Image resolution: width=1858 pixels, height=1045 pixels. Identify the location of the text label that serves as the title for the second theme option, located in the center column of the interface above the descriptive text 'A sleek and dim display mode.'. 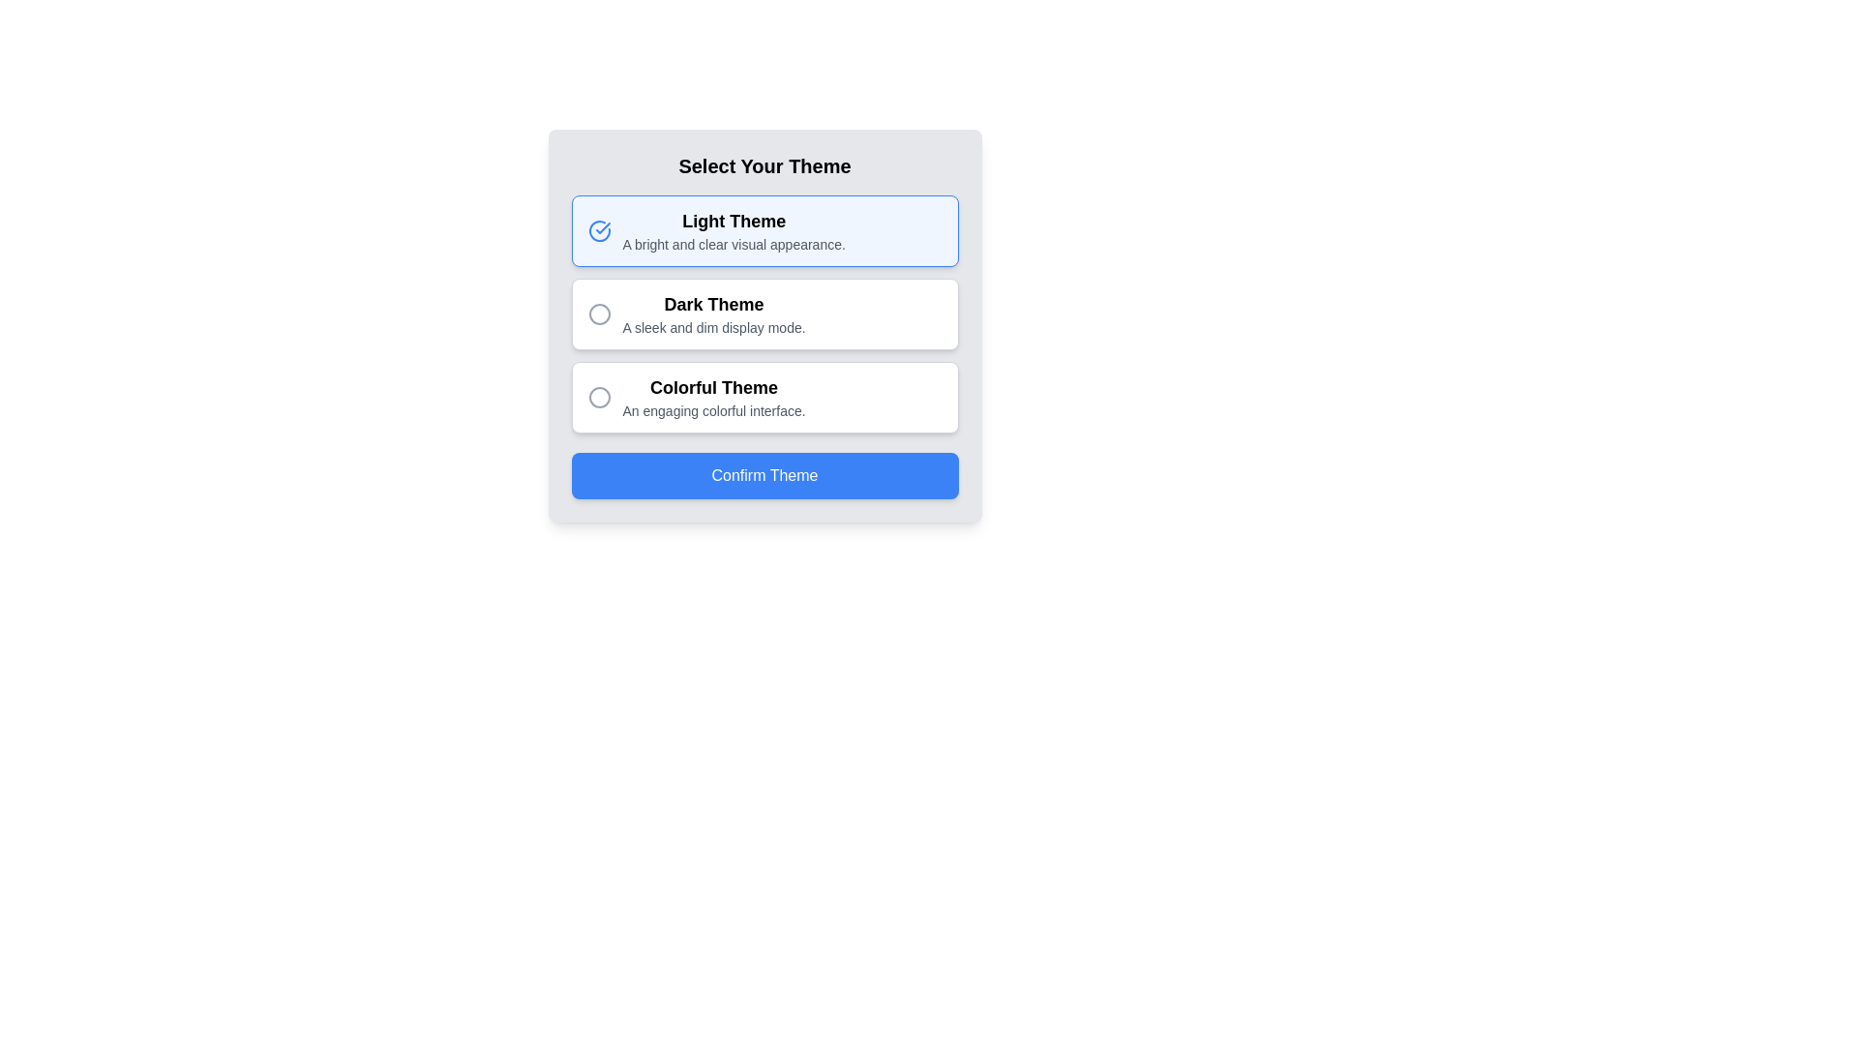
(713, 305).